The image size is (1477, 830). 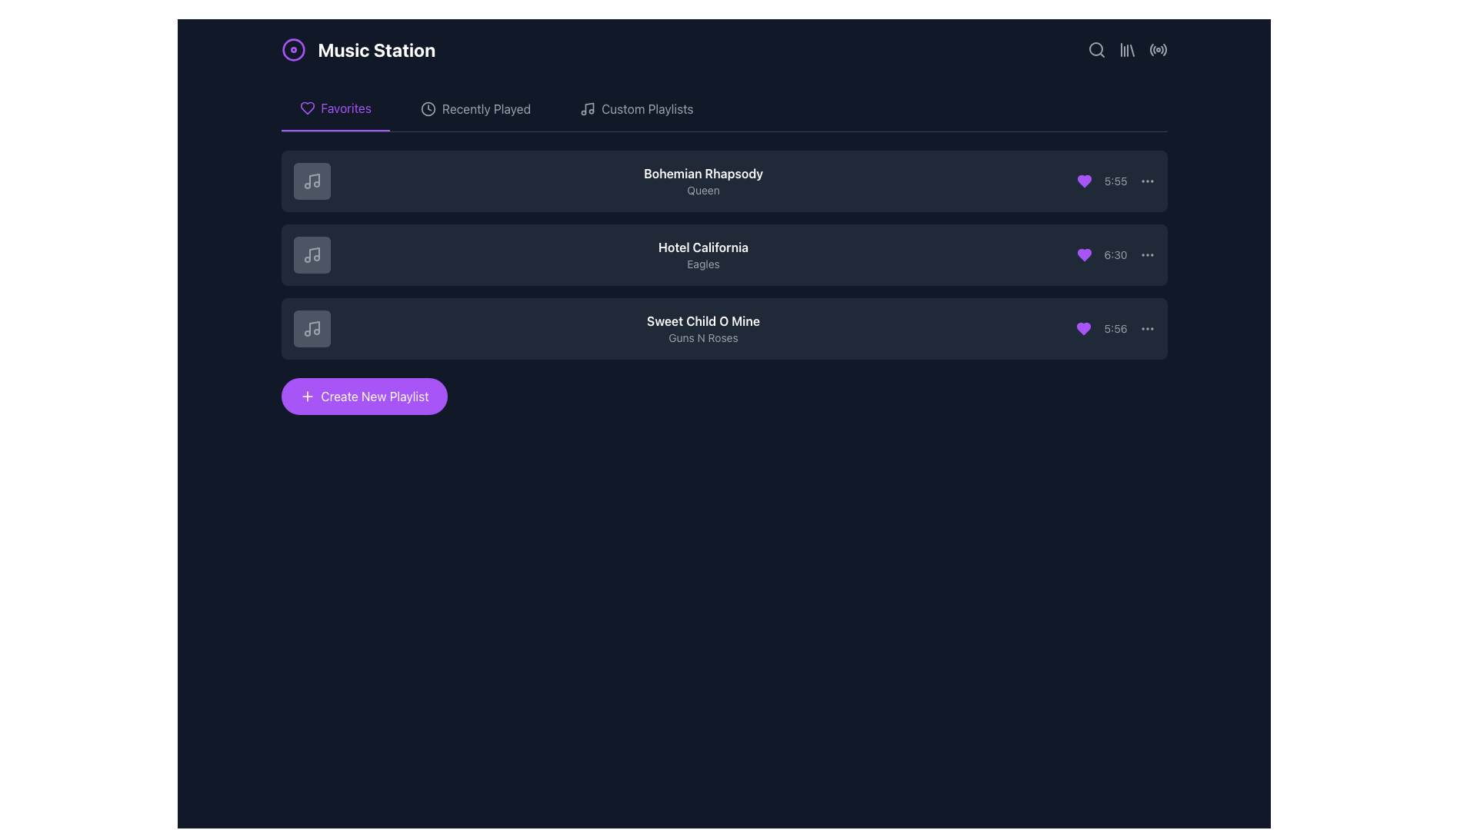 What do you see at coordinates (428, 108) in the screenshot?
I see `the clock-shaped icon located in the header navigation bar, next to the 'Recently Played' text label, to interact with it` at bounding box center [428, 108].